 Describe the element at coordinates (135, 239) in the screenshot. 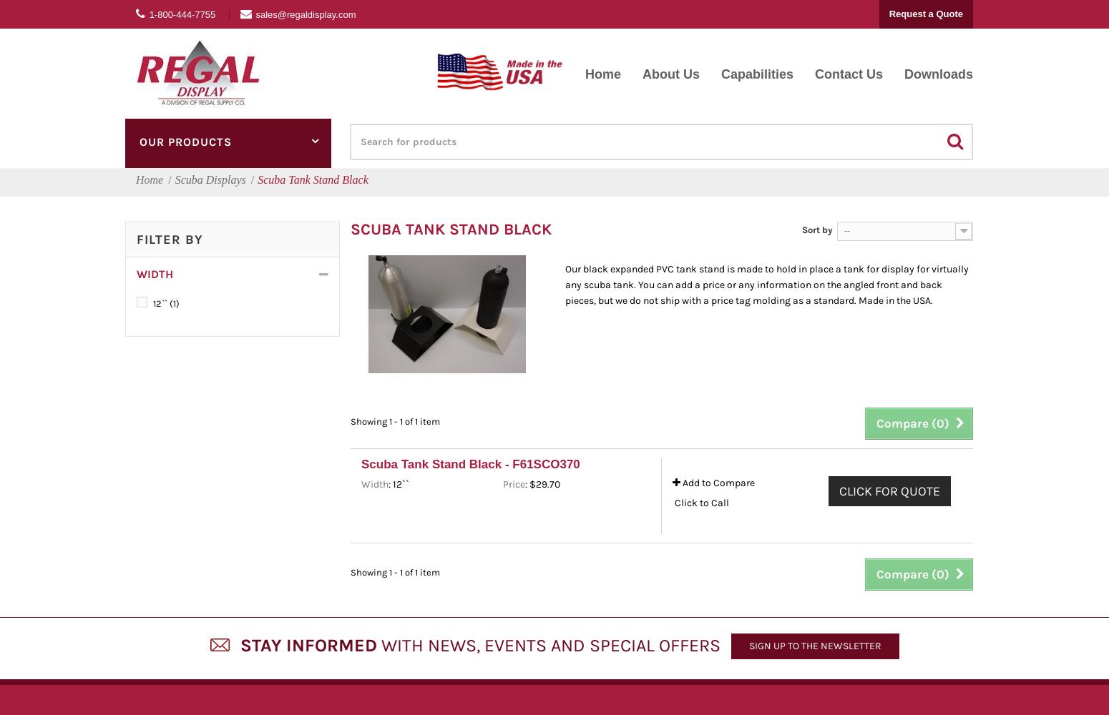

I see `'Filter By'` at that location.